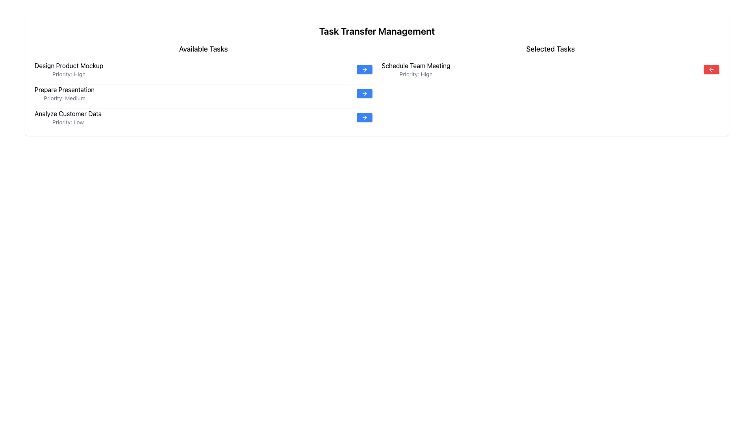  What do you see at coordinates (65, 93) in the screenshot?
I see `details of the task represented by the text block containing 'Prepare Presentation' and 'Priority: Medium' in the 'Available Tasks' section` at bounding box center [65, 93].